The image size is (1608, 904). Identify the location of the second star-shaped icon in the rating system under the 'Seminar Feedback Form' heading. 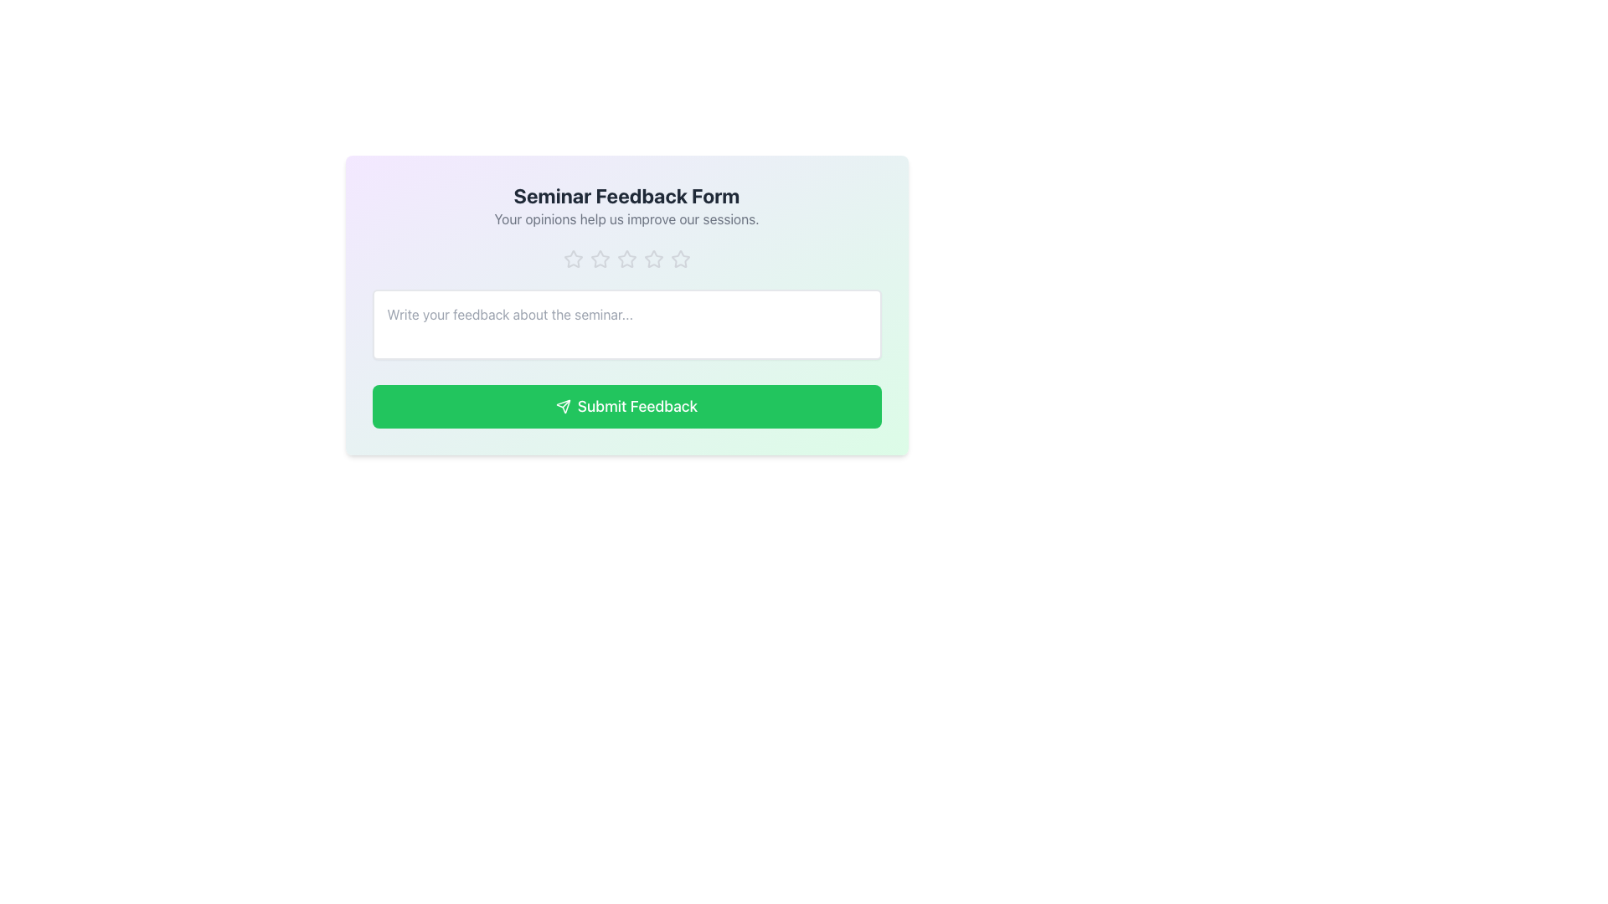
(600, 259).